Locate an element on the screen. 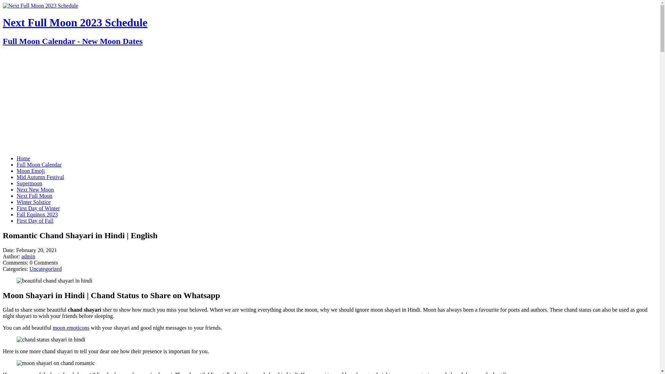 The image size is (665, 374). 'Moon Emoji' is located at coordinates (17, 171).